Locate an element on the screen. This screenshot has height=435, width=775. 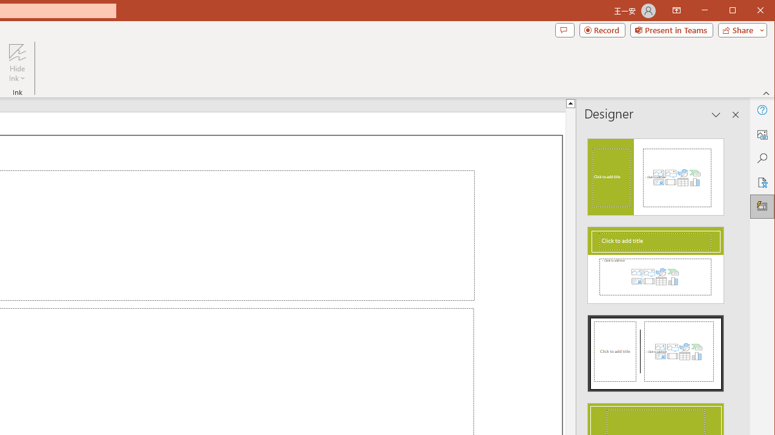
'Design Idea' is located at coordinates (655, 350).